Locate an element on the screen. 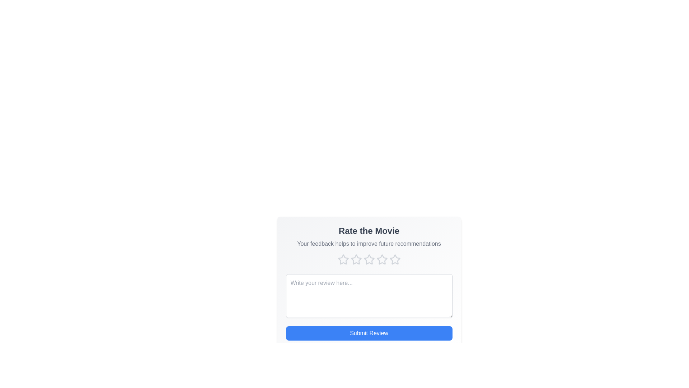 This screenshot has height=388, width=689. the third rating star element is located at coordinates (369, 259).